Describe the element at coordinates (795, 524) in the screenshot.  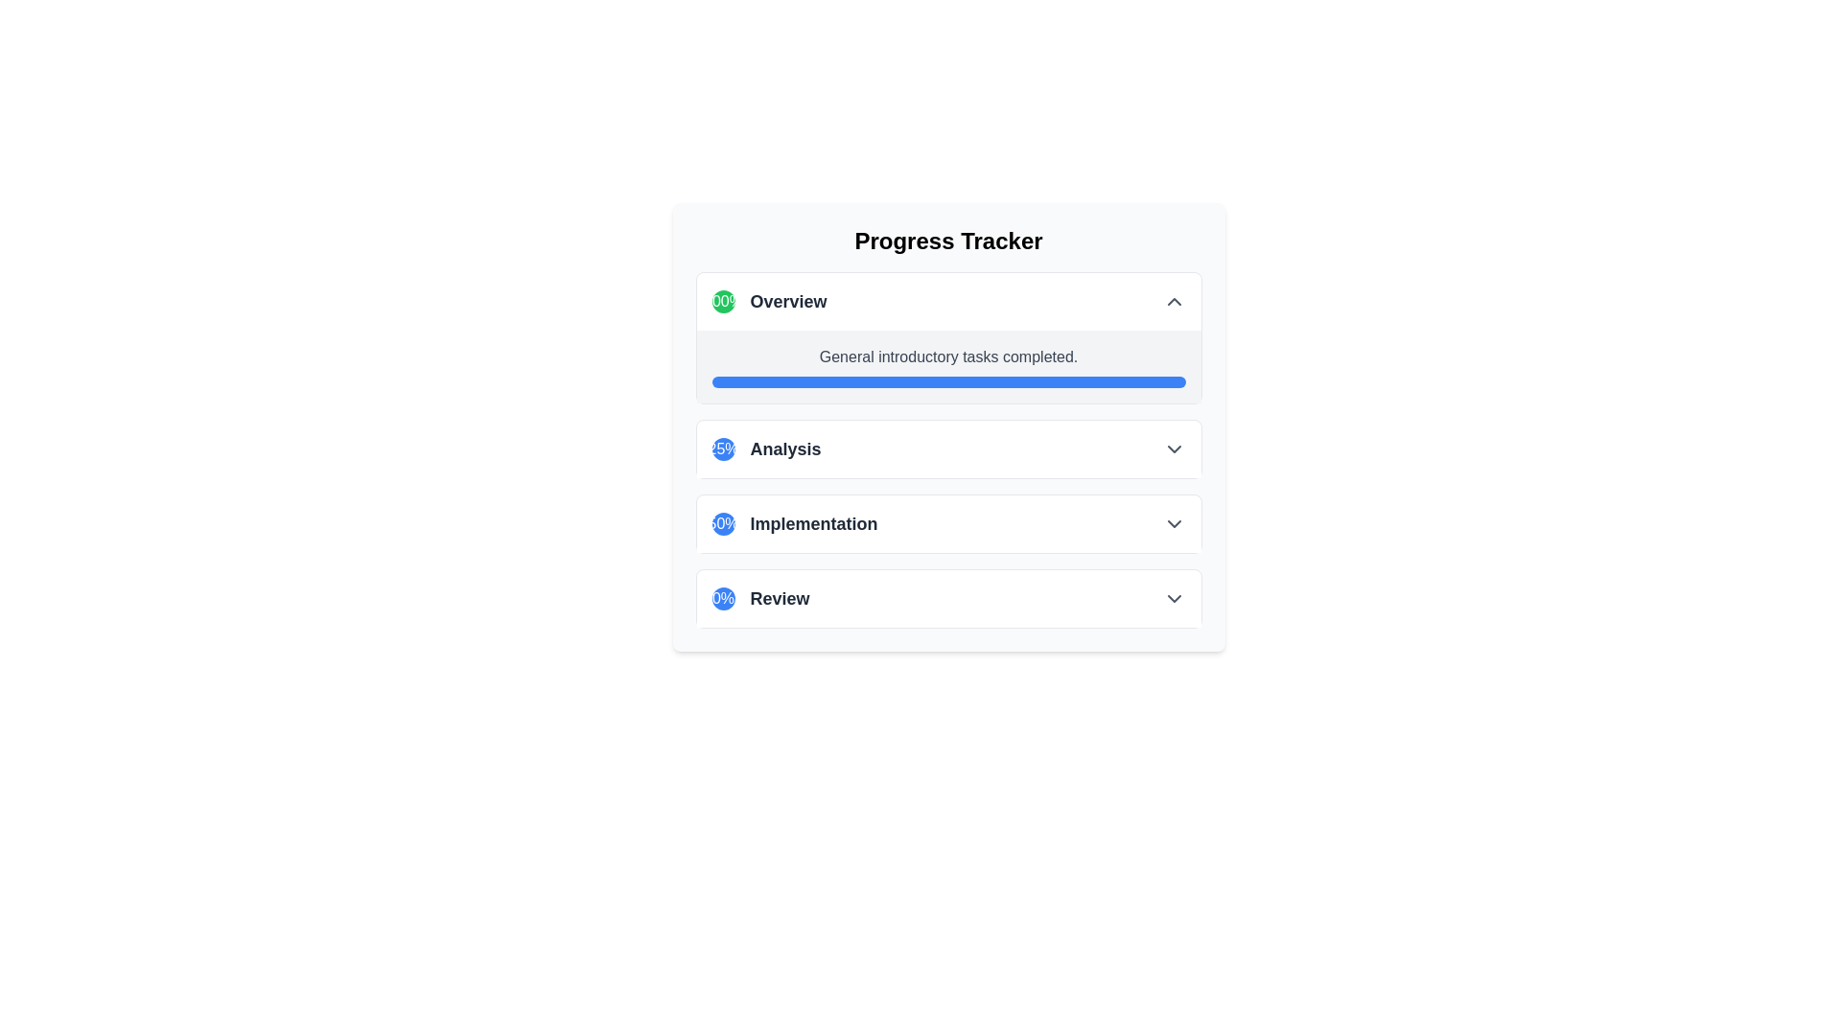
I see `the progress indicator for the 'Implementation' stage, which shows a completion percentage of 50% and is the third item in the 'Progress Tracker' section` at that location.